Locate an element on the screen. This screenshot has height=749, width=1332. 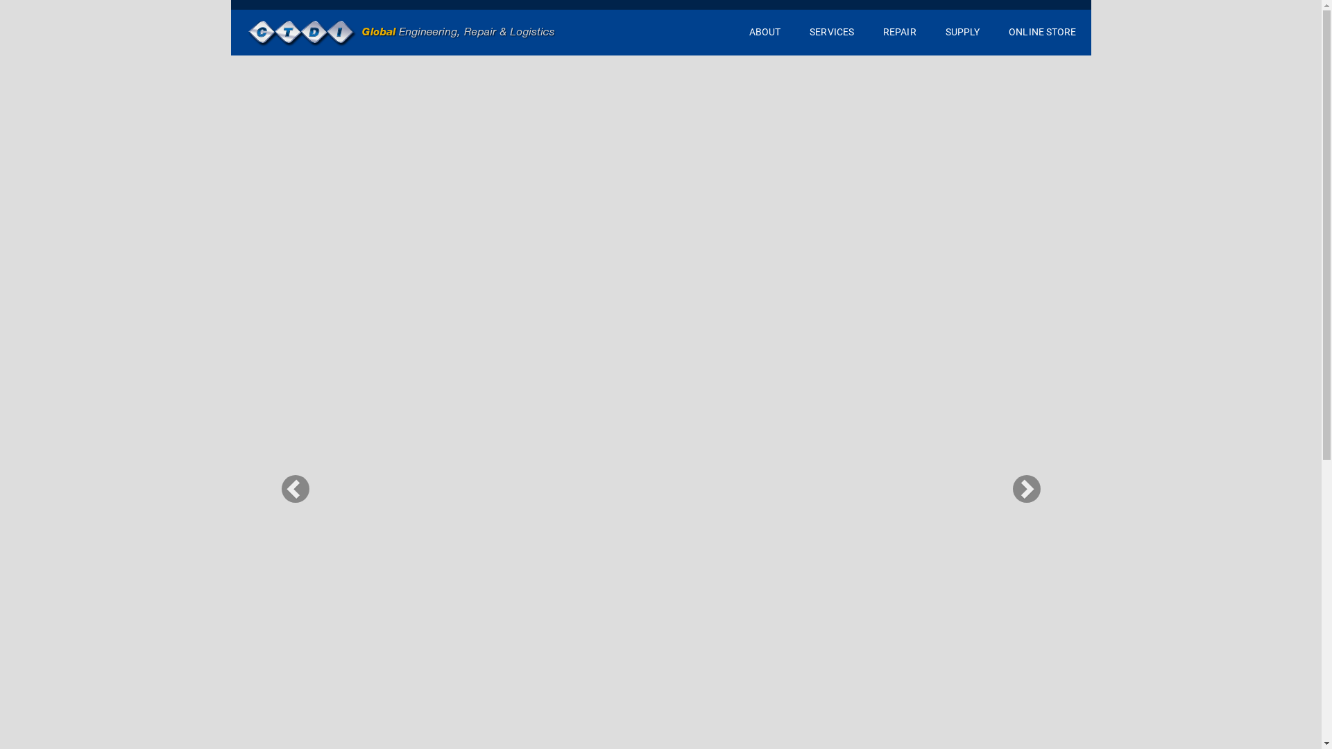
'SUPPLY' is located at coordinates (962, 31).